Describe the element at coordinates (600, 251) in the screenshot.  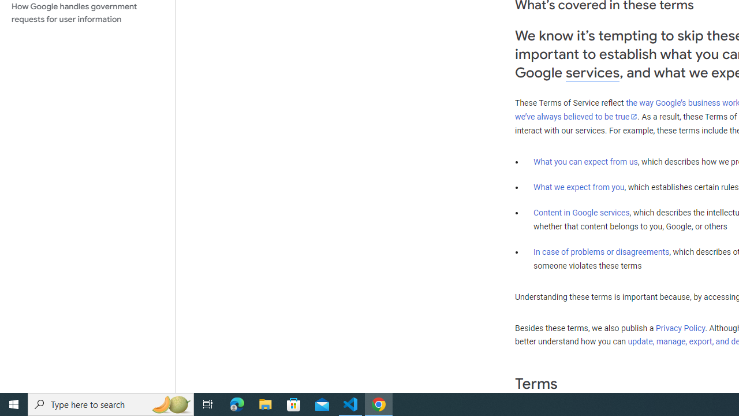
I see `'In case of problems or disagreements'` at that location.